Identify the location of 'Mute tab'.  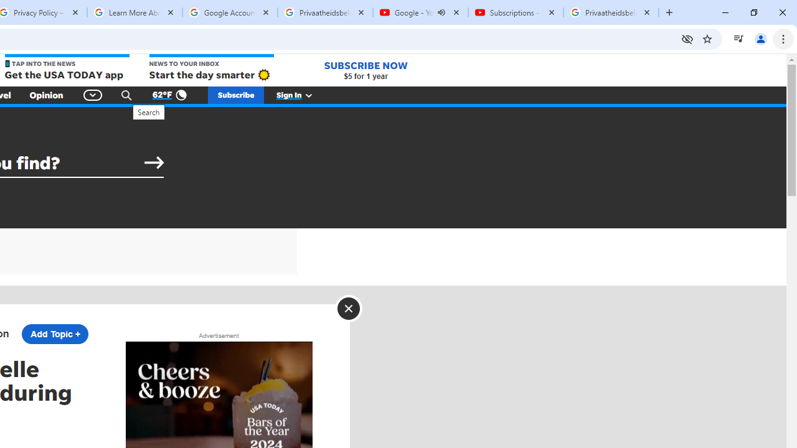
(441, 12).